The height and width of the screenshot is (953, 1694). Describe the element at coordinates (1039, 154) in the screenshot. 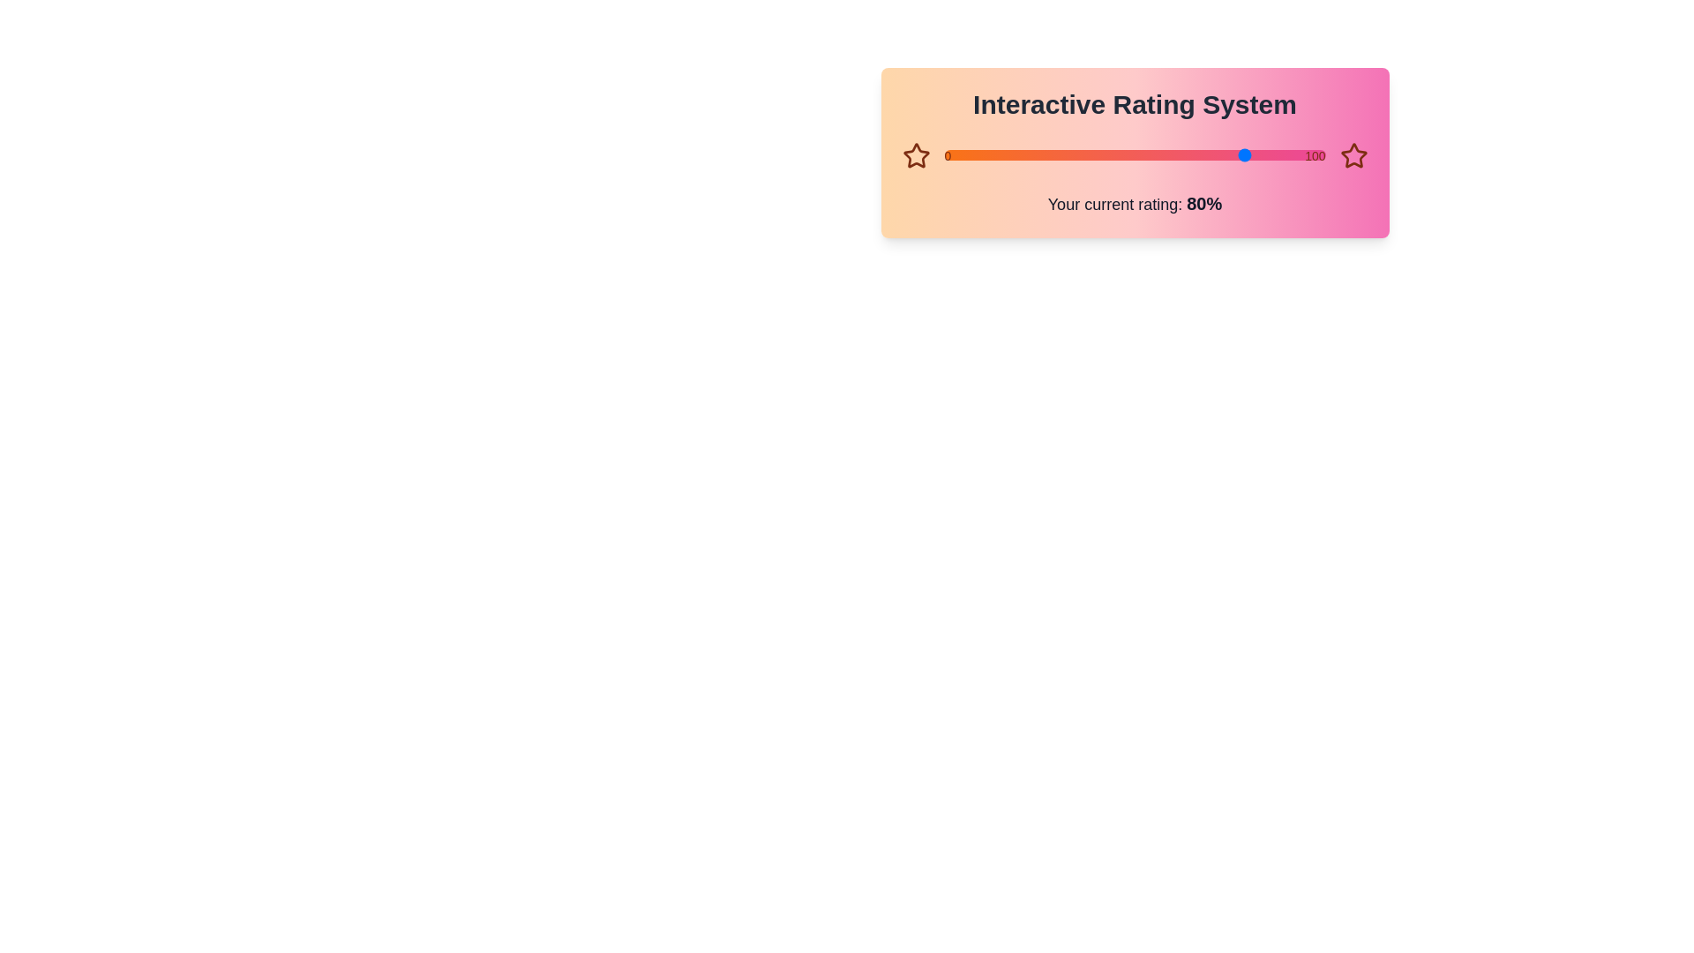

I see `the slider track to set the rating to 25%` at that location.